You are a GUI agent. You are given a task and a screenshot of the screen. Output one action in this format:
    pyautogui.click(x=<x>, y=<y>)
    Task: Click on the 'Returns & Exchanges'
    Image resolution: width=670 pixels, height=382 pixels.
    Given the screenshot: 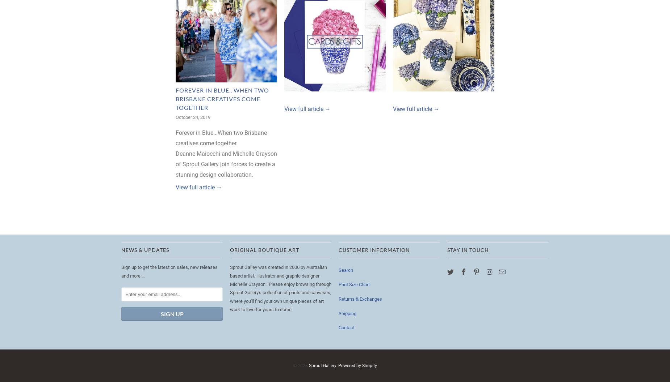 What is the action you would take?
    pyautogui.click(x=360, y=299)
    